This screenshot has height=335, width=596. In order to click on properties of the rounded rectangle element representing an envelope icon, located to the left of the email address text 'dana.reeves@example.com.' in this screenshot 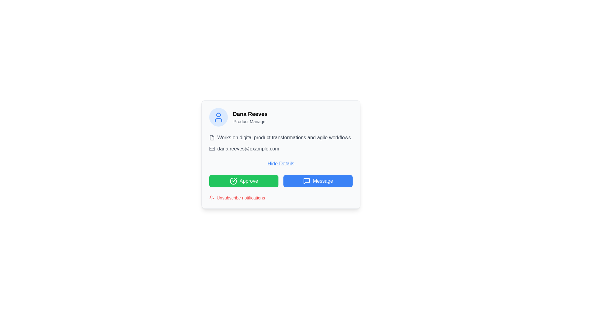, I will do `click(212, 149)`.